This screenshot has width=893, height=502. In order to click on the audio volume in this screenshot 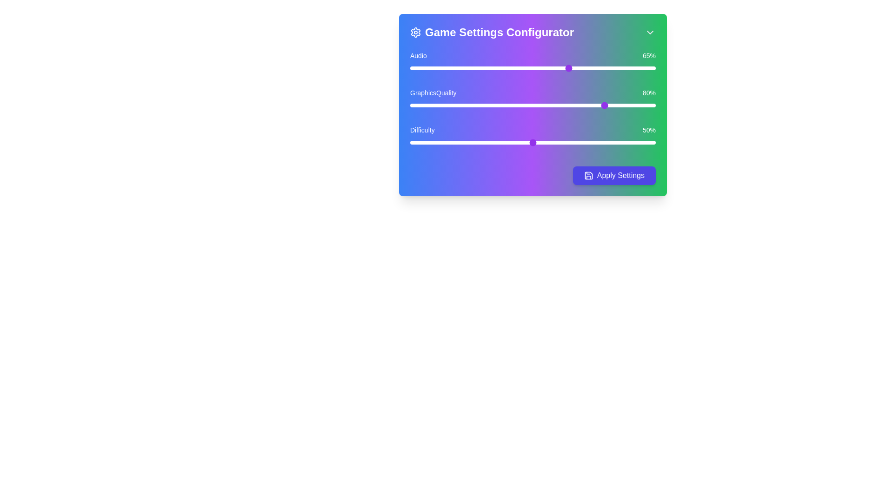, I will do `click(557, 67)`.